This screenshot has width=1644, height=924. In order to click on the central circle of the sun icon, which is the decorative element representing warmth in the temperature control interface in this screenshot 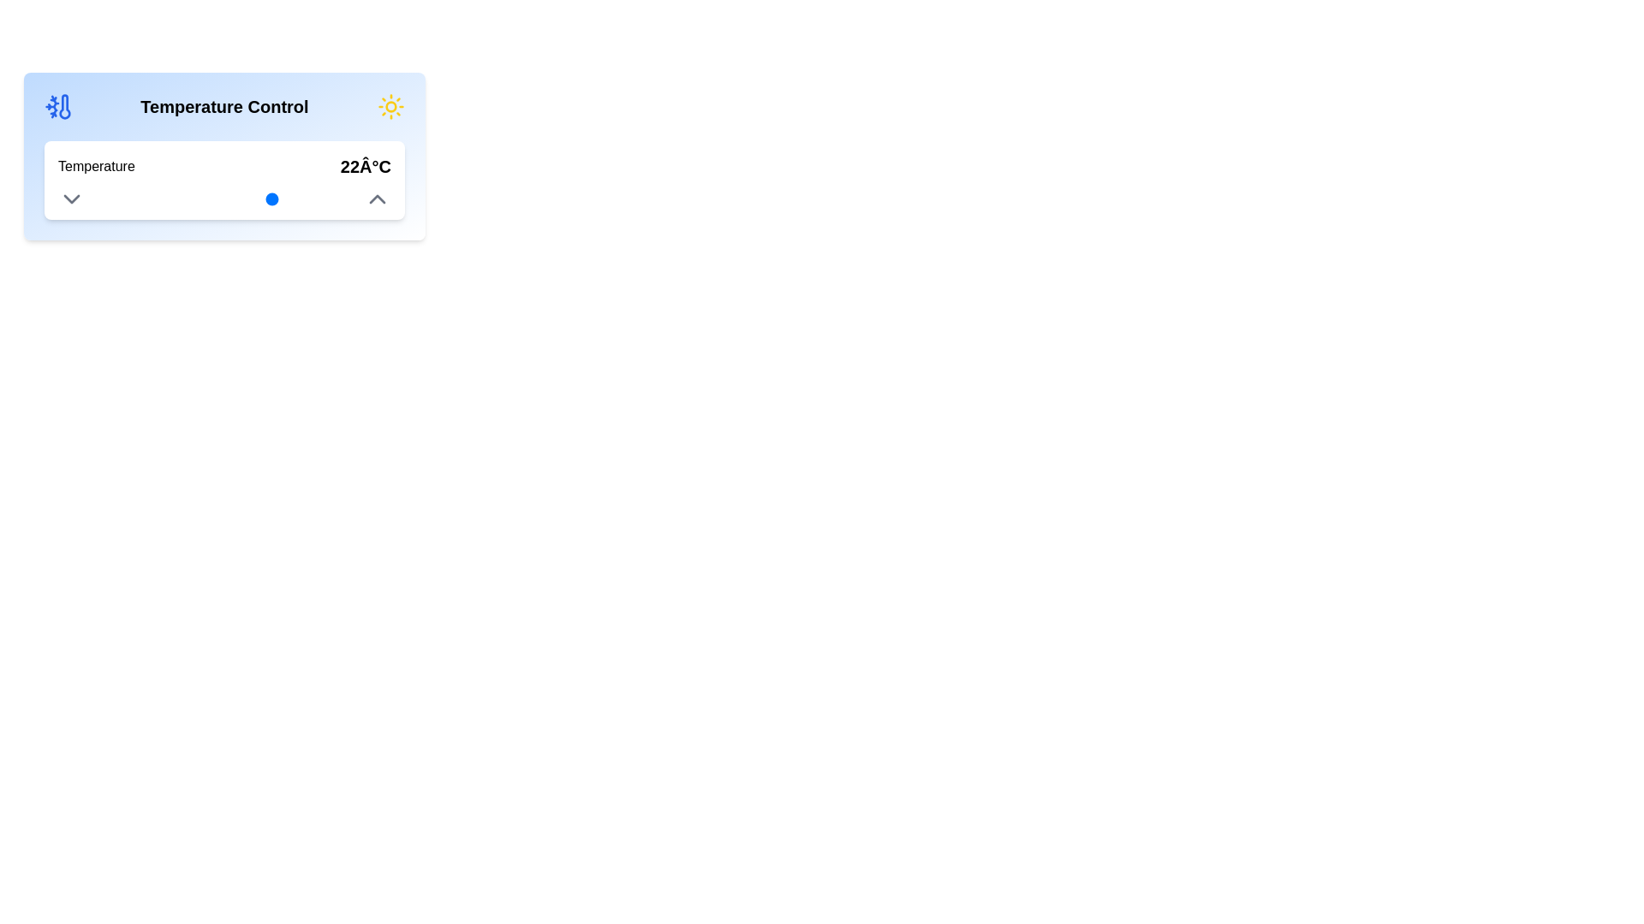, I will do `click(390, 106)`.